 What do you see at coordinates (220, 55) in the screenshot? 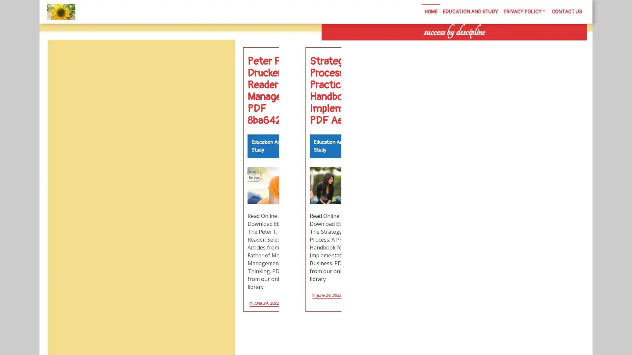
I see `Search` at bounding box center [220, 55].